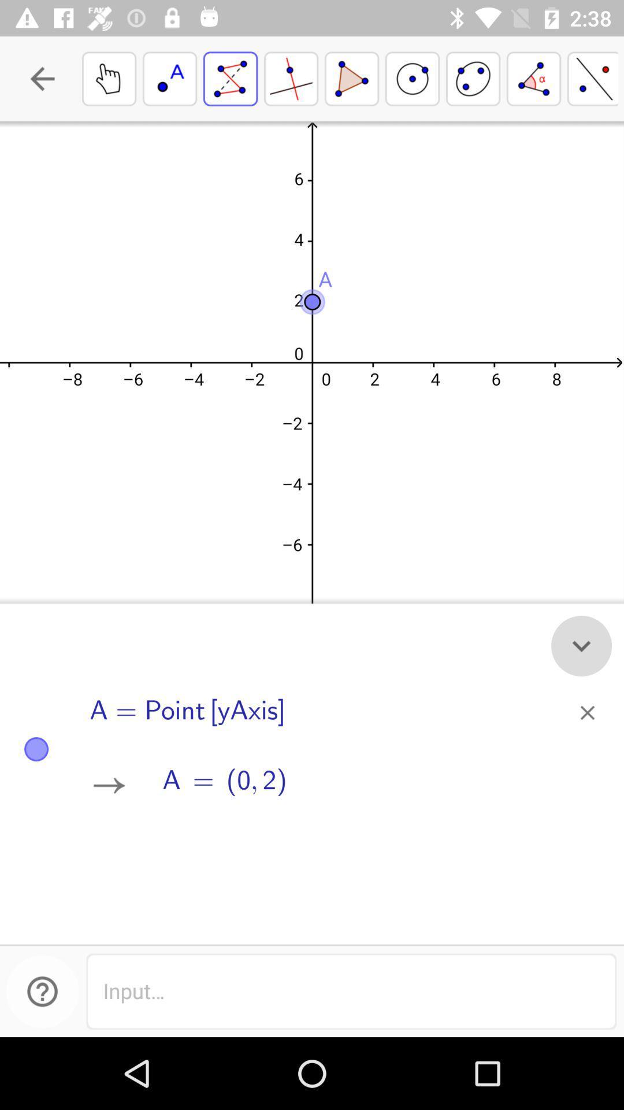  Describe the element at coordinates (581, 645) in the screenshot. I see `the drop down button` at that location.